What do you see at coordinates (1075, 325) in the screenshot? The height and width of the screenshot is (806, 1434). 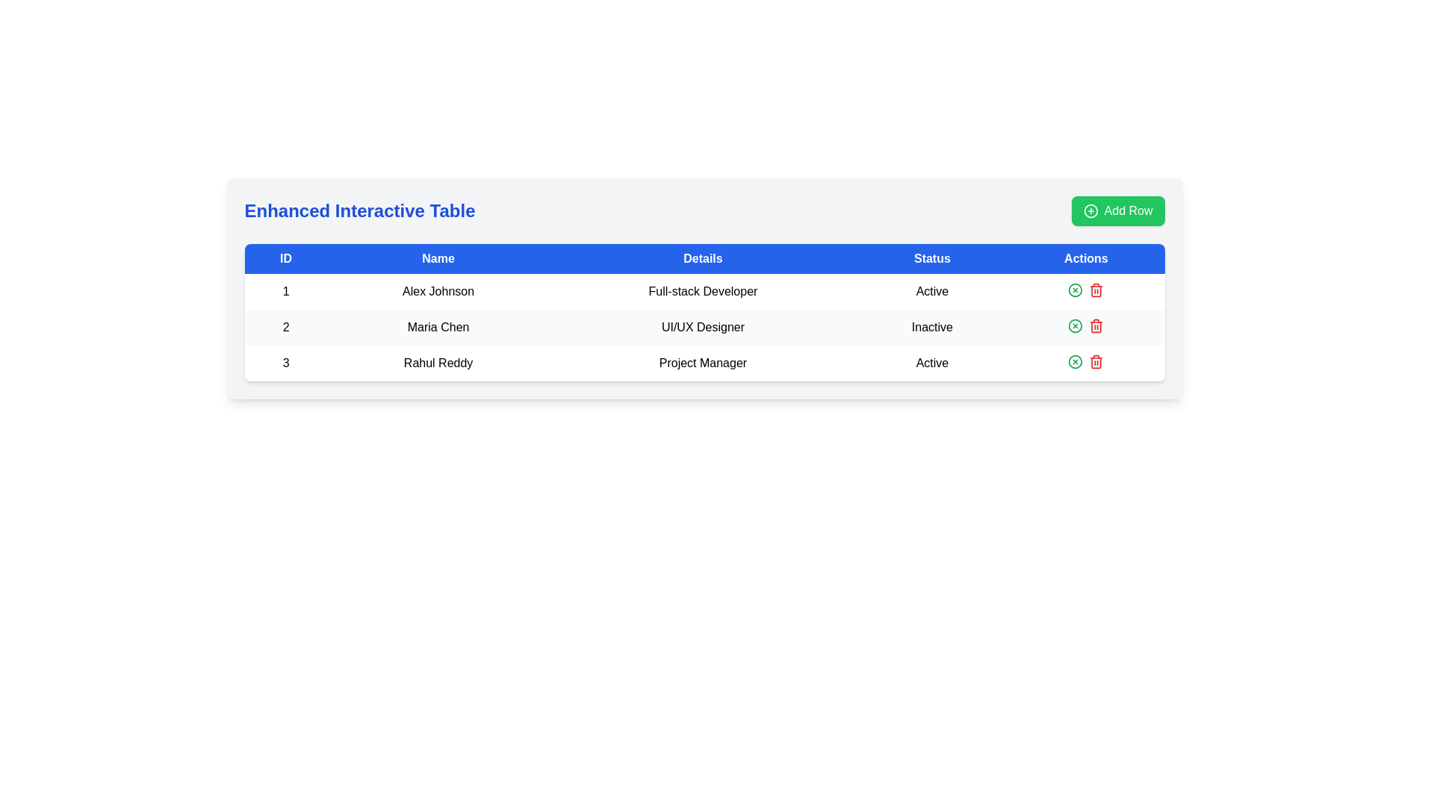 I see `the circular graphical element representing the cancel action` at bounding box center [1075, 325].